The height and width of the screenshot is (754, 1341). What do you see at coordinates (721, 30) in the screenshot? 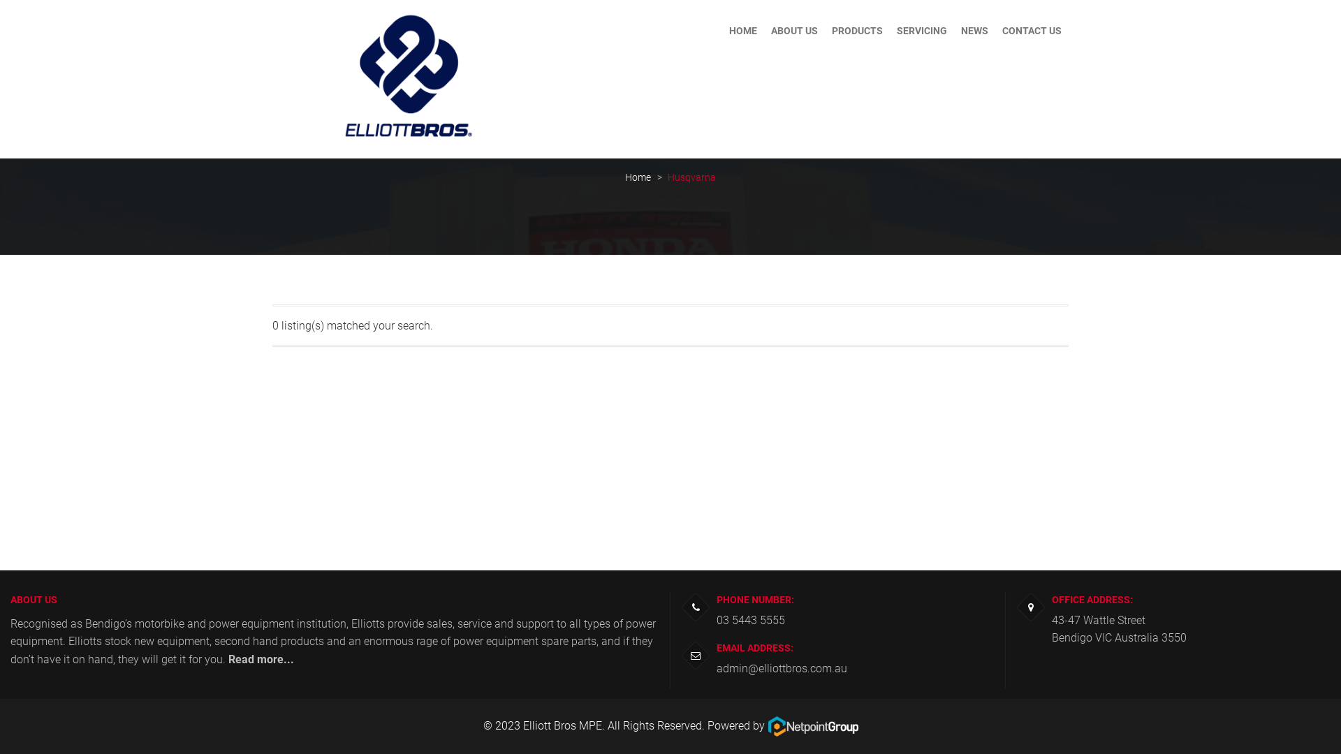
I see `'HOME'` at bounding box center [721, 30].